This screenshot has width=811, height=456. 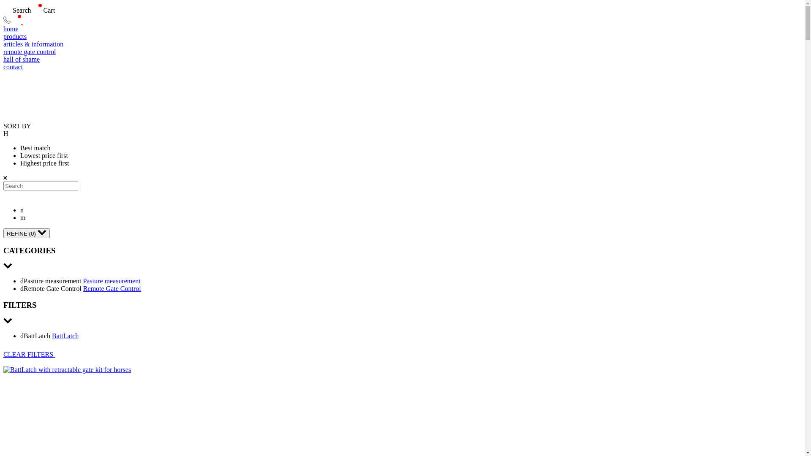 What do you see at coordinates (31, 10) in the screenshot?
I see `'Cart'` at bounding box center [31, 10].